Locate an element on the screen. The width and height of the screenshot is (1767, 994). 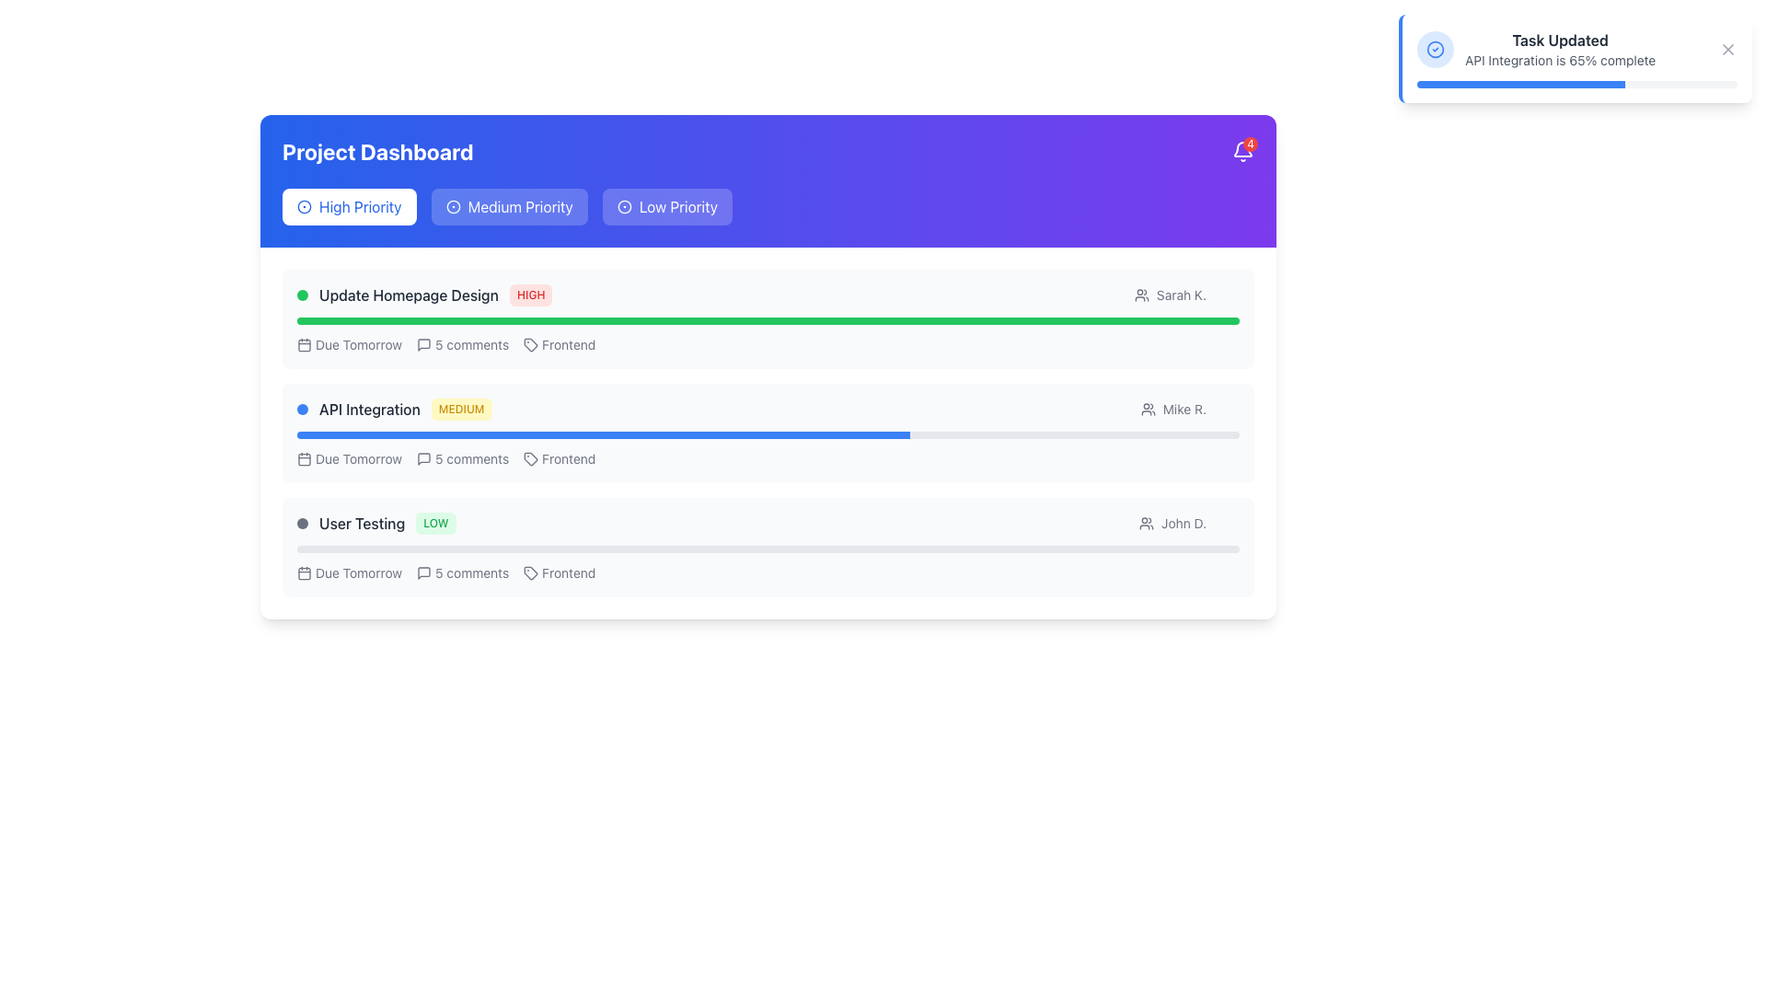
priority level of the 'User Testing' task, which is displayed as 'LOW' in the task list of the project management dashboard is located at coordinates (375, 524).